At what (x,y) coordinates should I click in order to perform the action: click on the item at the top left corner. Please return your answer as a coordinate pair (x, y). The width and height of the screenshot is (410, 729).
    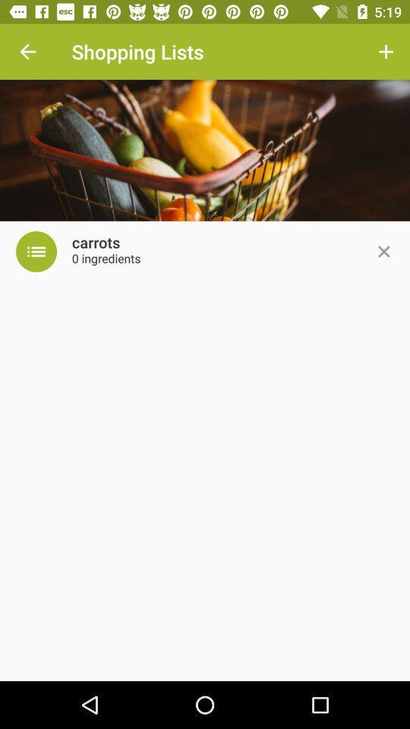
    Looking at the image, I should click on (27, 52).